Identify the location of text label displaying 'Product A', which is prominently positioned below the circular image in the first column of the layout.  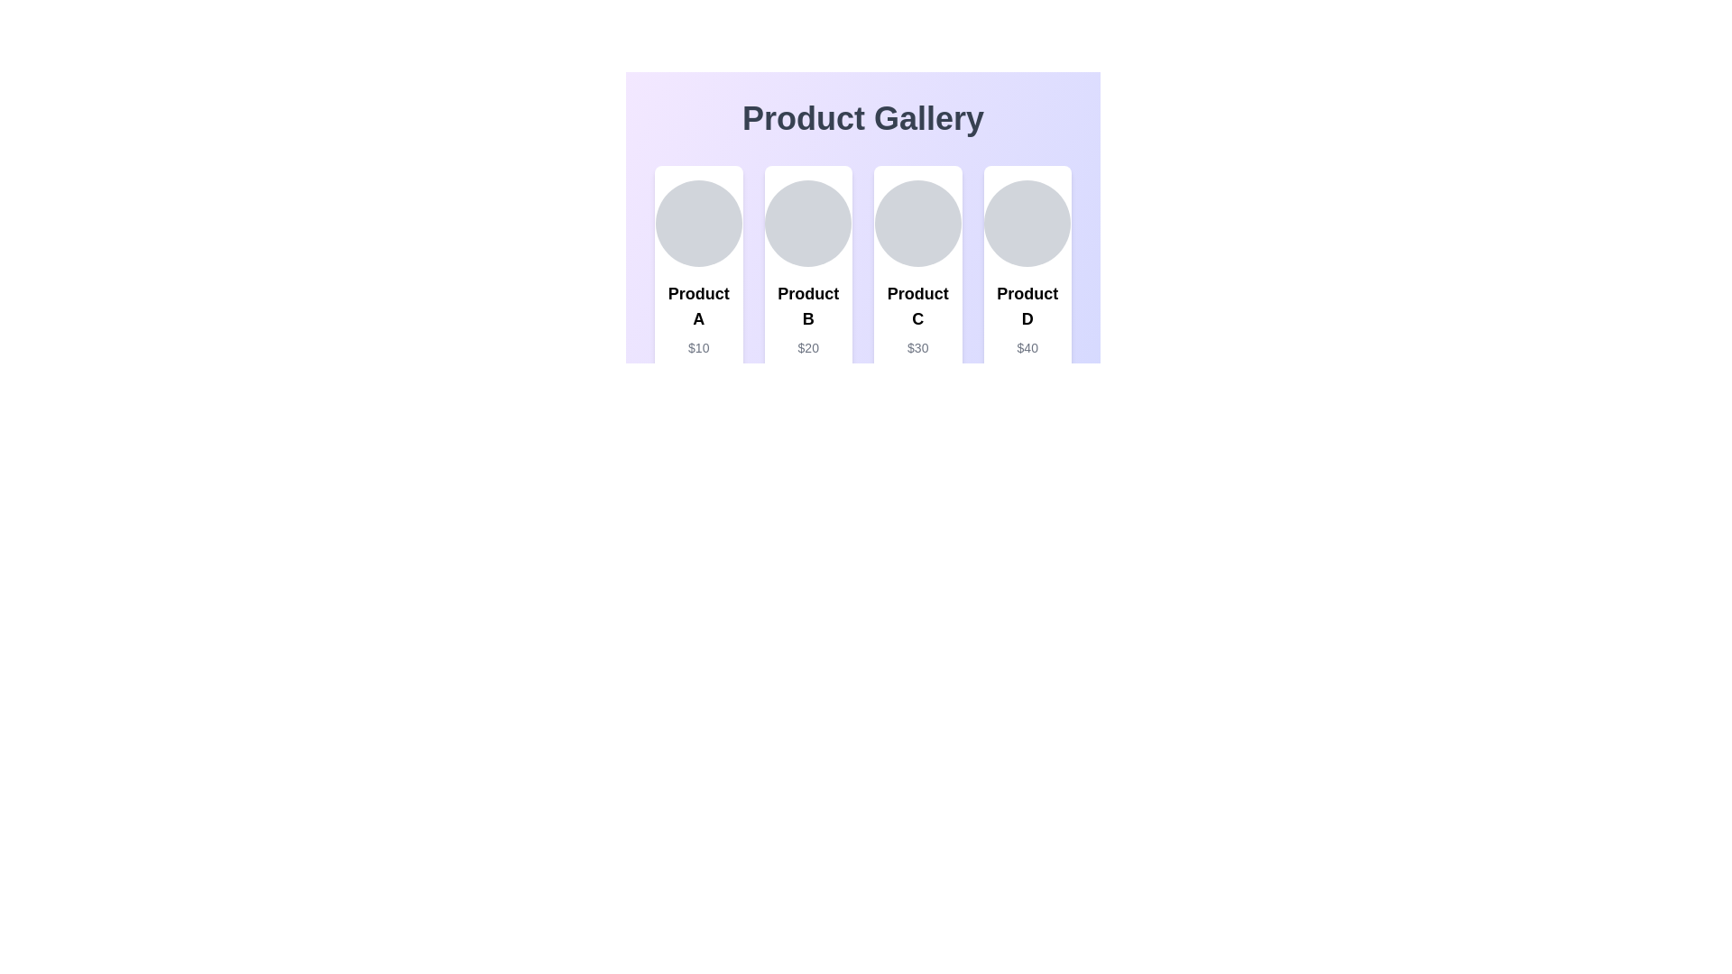
(697, 305).